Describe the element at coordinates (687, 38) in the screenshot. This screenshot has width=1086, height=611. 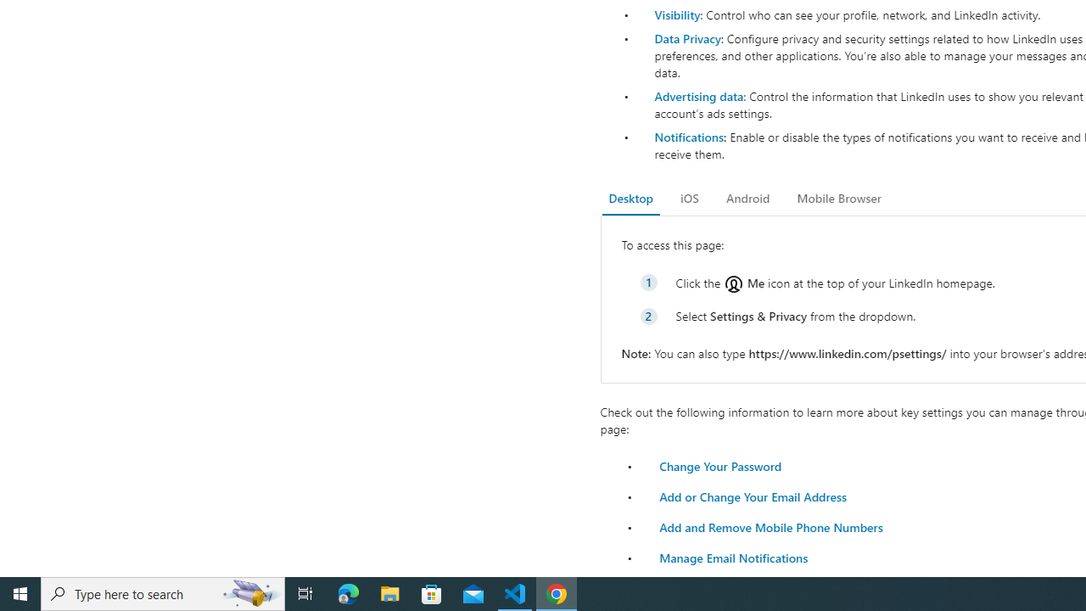
I see `'Data Privacy'` at that location.